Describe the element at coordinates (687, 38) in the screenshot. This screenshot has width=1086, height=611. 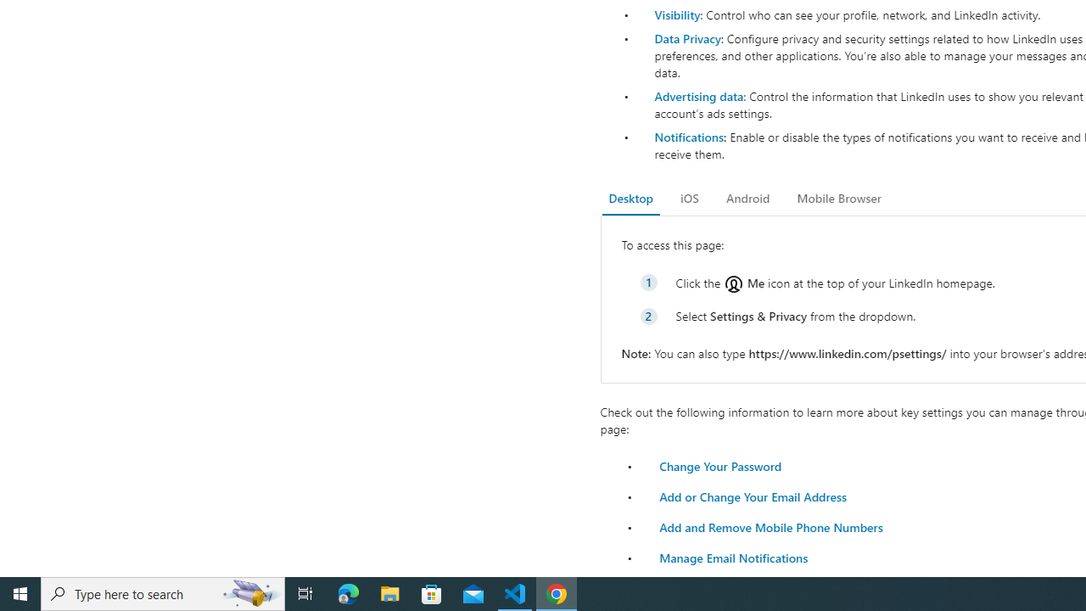
I see `'Data Privacy'` at that location.